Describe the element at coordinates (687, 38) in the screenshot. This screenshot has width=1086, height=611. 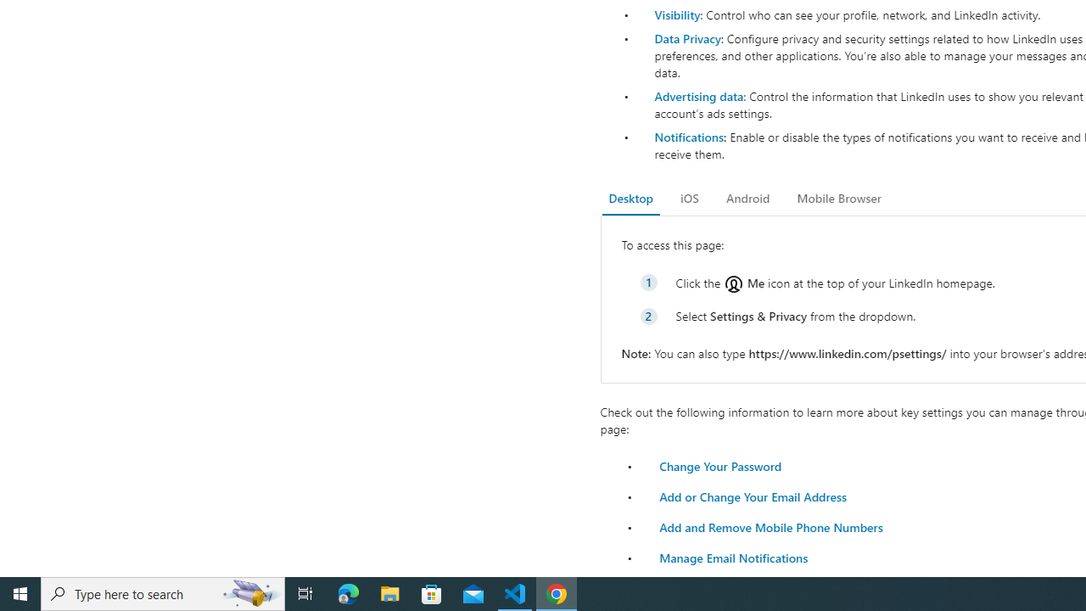
I see `'Data Privacy'` at that location.